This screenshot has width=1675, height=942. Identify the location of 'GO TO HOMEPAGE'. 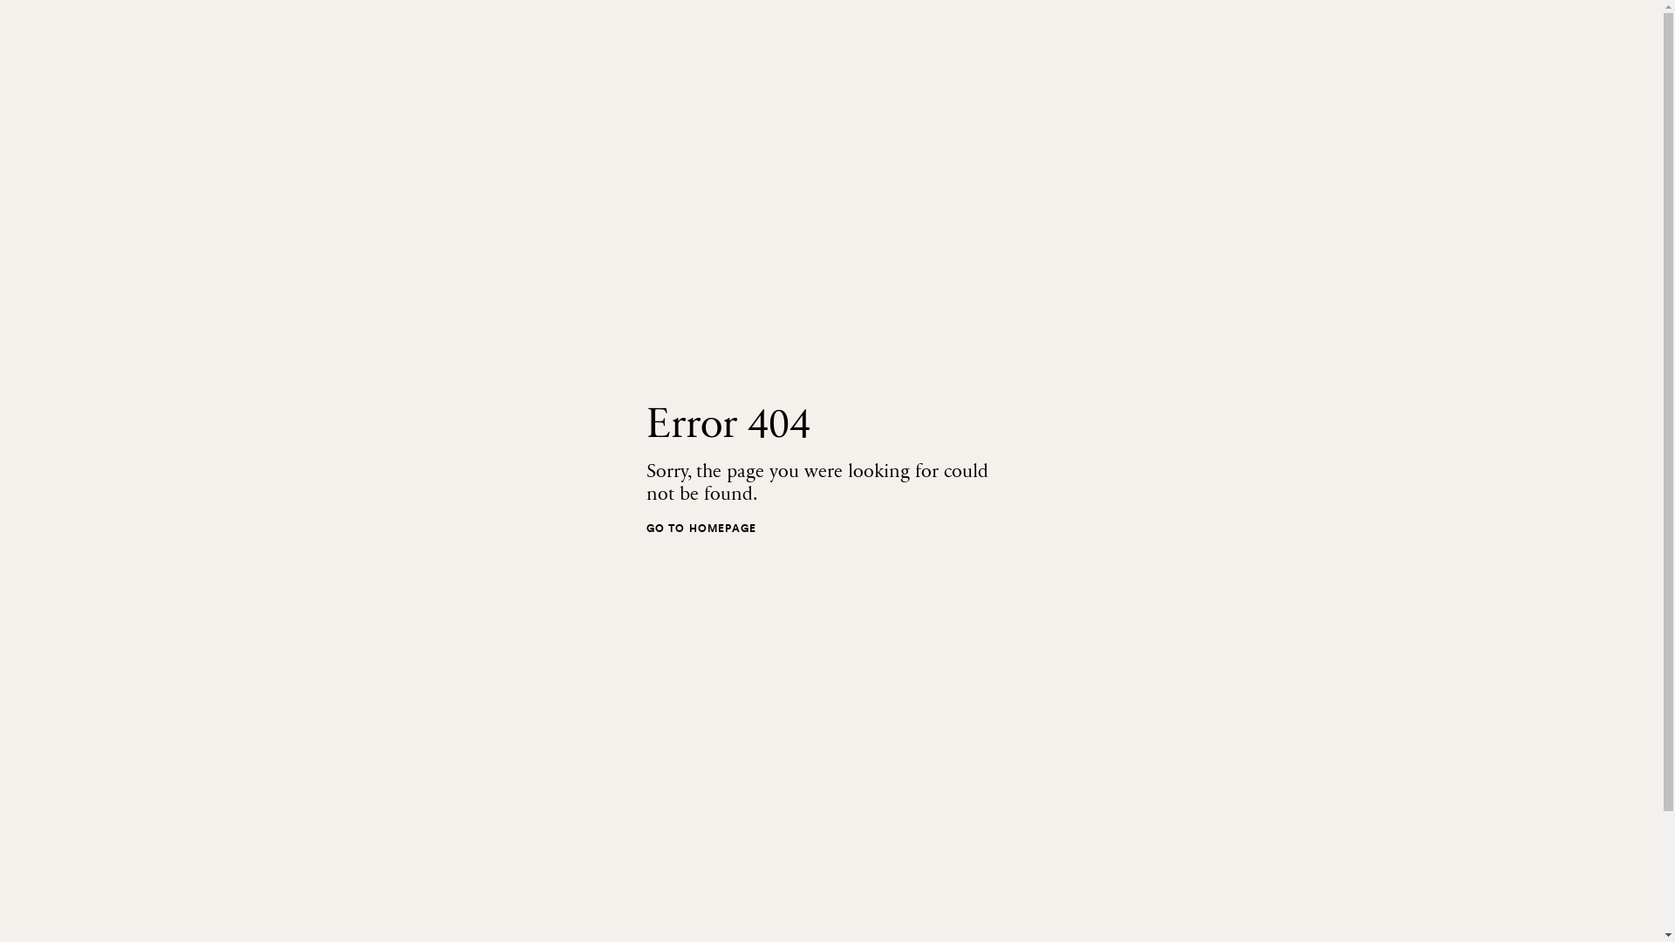
(644, 527).